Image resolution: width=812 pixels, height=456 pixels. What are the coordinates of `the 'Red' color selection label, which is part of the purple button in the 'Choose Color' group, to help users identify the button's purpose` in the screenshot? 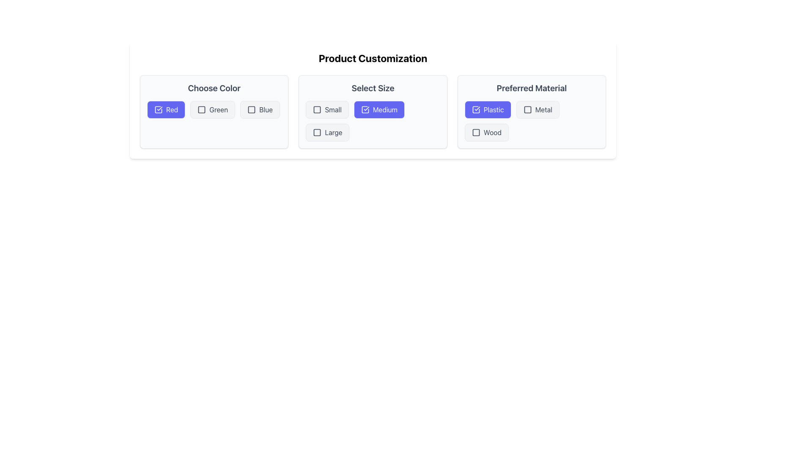 It's located at (172, 109).